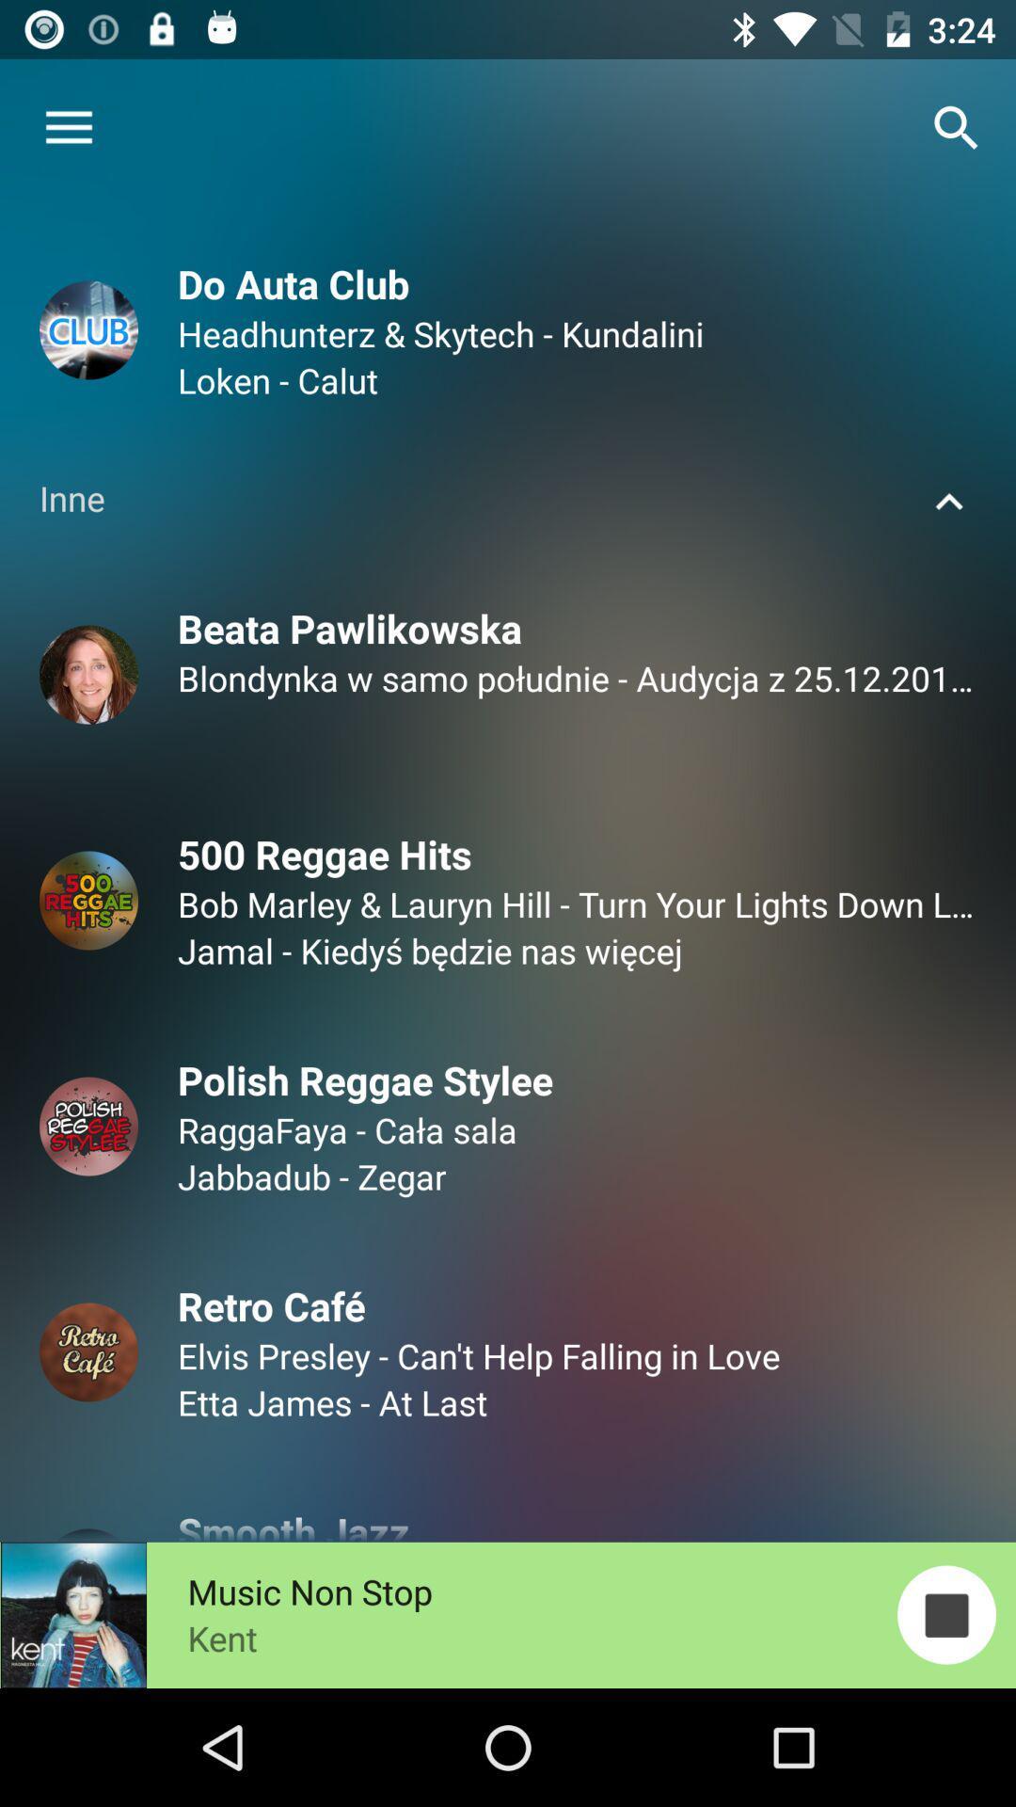  I want to click on stop icon, so click(946, 1613).